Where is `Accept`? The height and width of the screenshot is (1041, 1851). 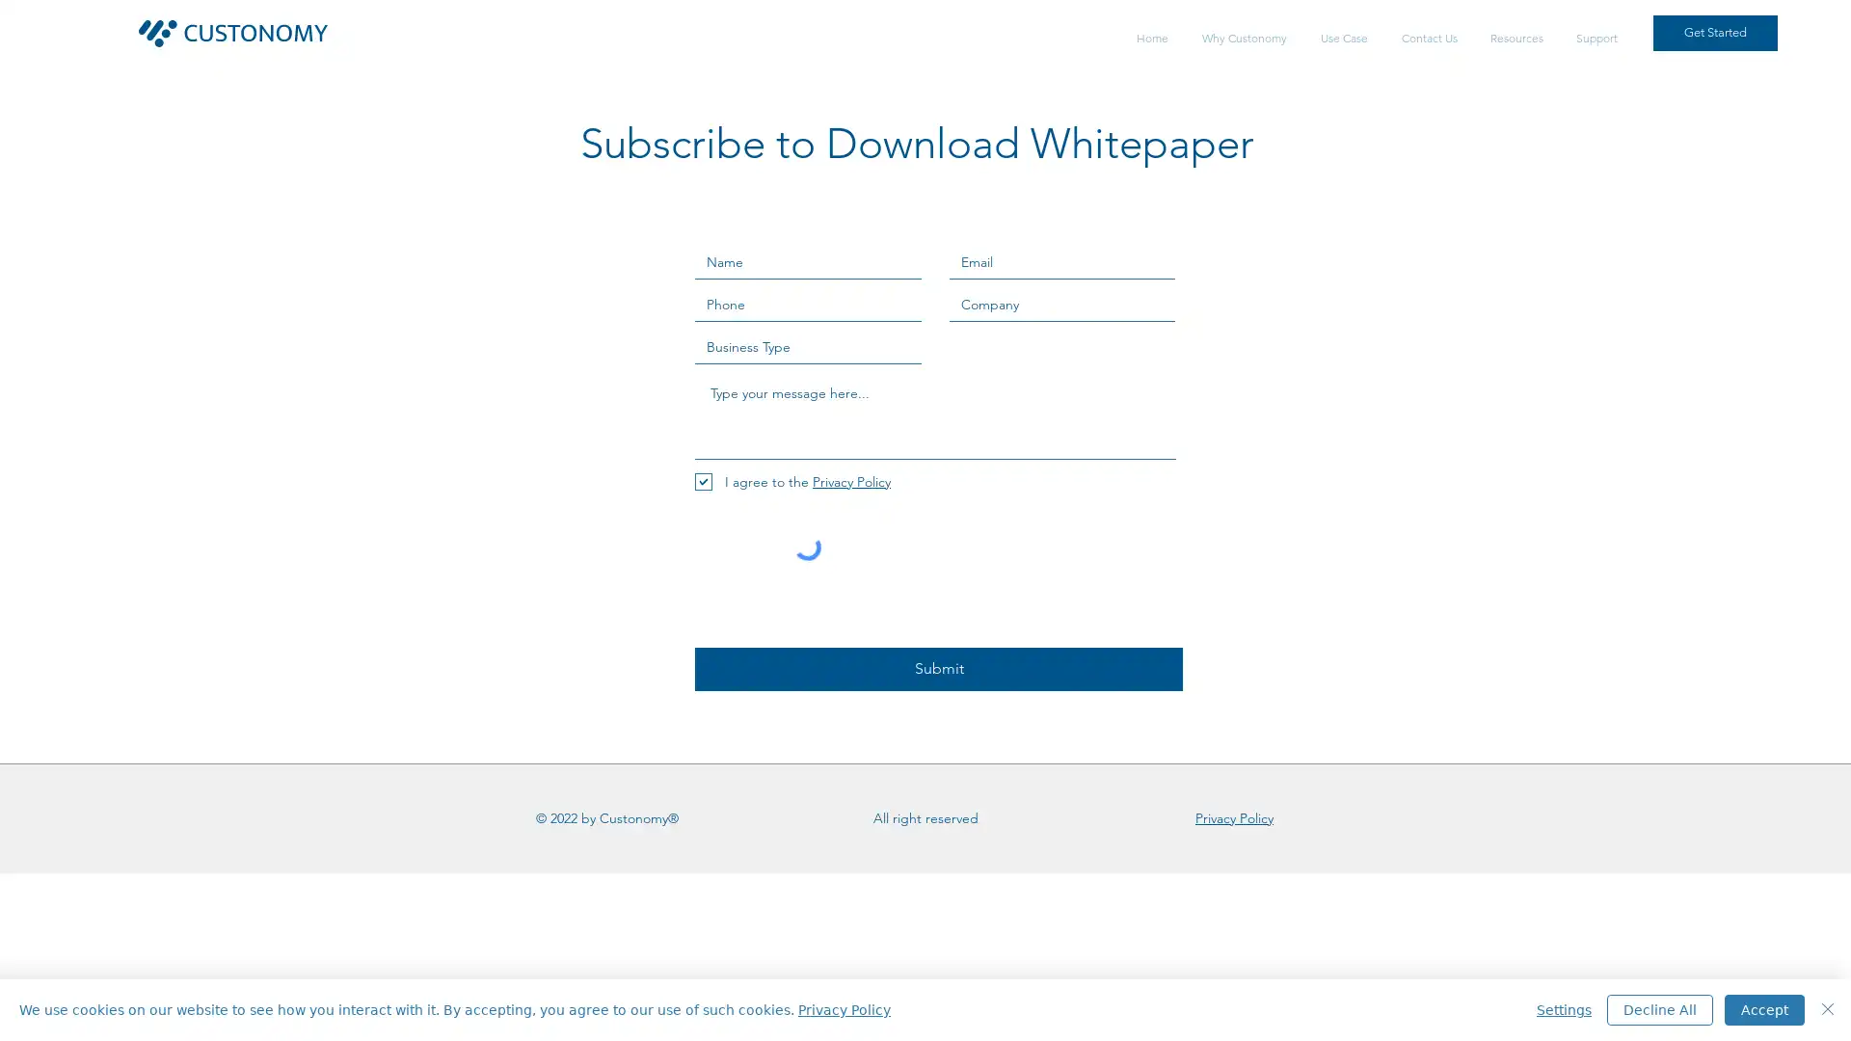
Accept is located at coordinates (1764, 1009).